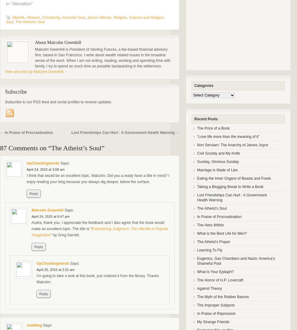 This screenshot has height=330, width=297. I want to click on 'Malcolm Greenhill is President of Sterling Futures, a fee-based financial advisory firm, based in San Francisco.  I write about wealth related issues in the broadest sense of the word.

When I am not writing, reading, working and spending time with family, I try to spend as much  time as possible backpacking in the wilderness.', so click(102, 58).